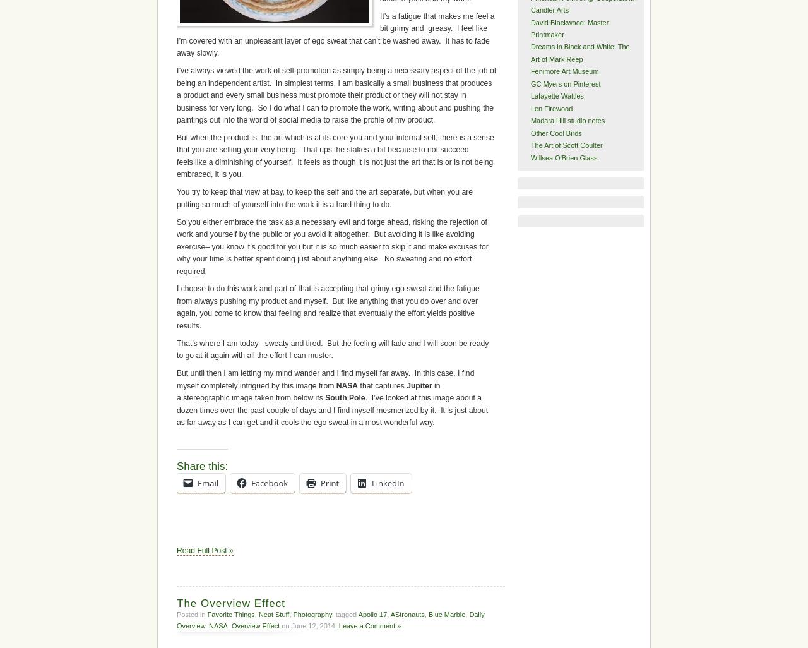 The image size is (808, 648). Describe the element at coordinates (549, 10) in the screenshot. I see `'Candler Arts'` at that location.